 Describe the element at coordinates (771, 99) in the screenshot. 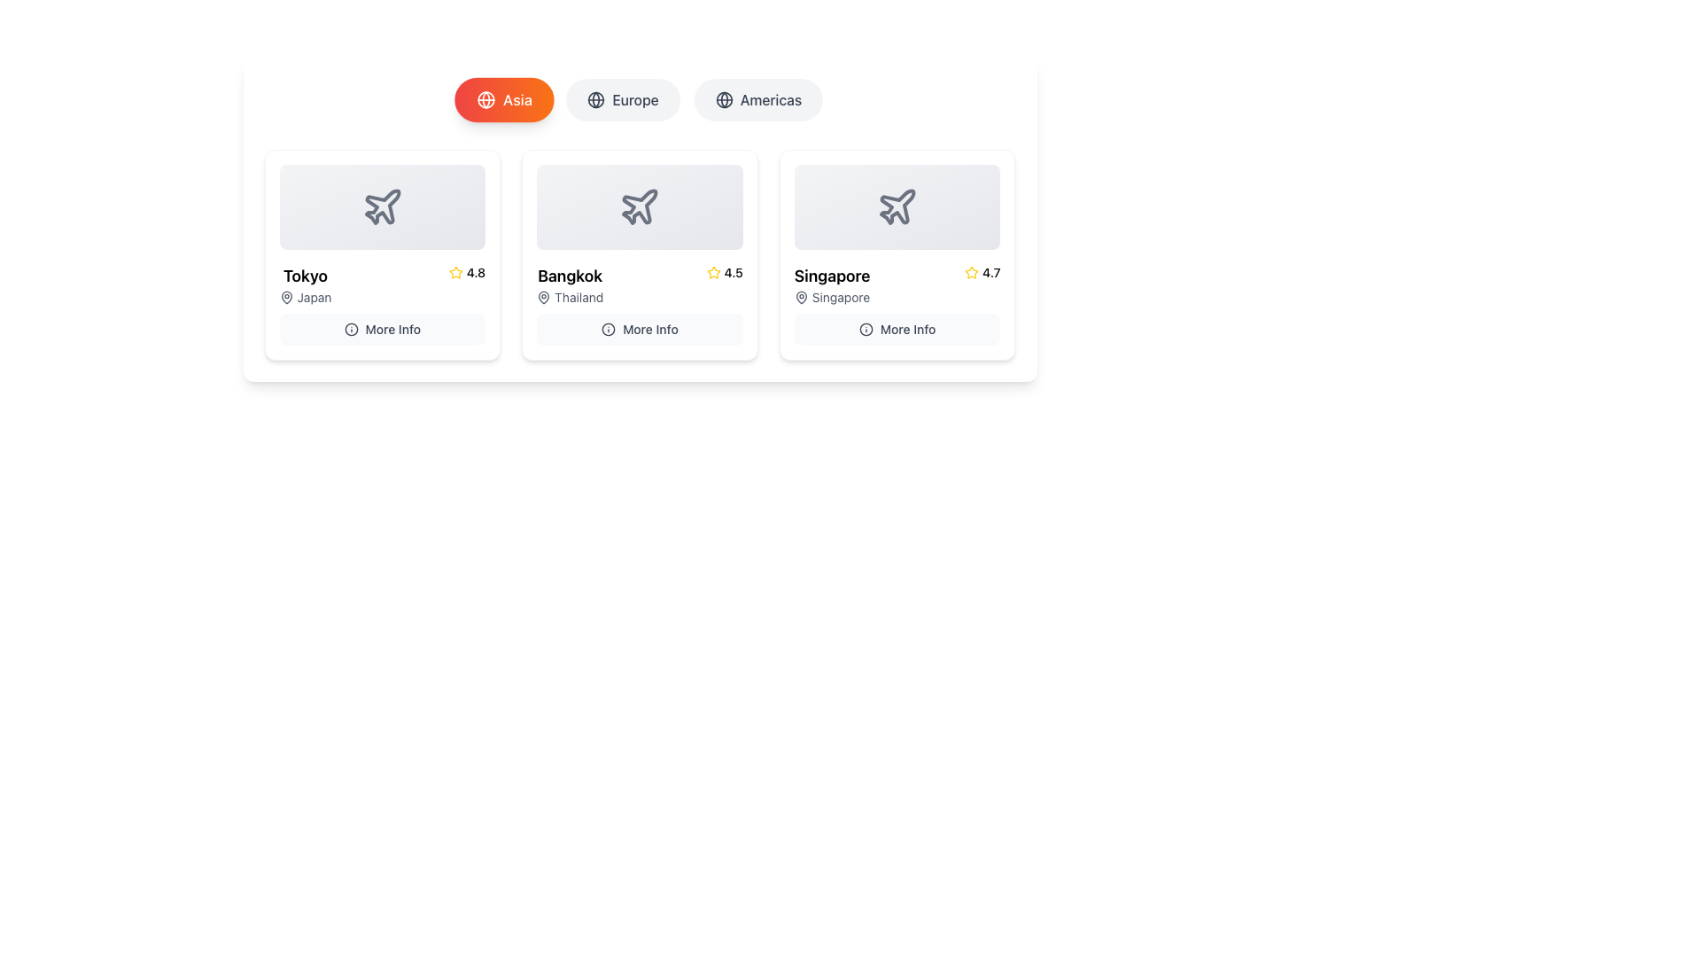

I see `text label for the 'Americas' section, which is part of a clickable button located at the top-center of the interface` at that location.